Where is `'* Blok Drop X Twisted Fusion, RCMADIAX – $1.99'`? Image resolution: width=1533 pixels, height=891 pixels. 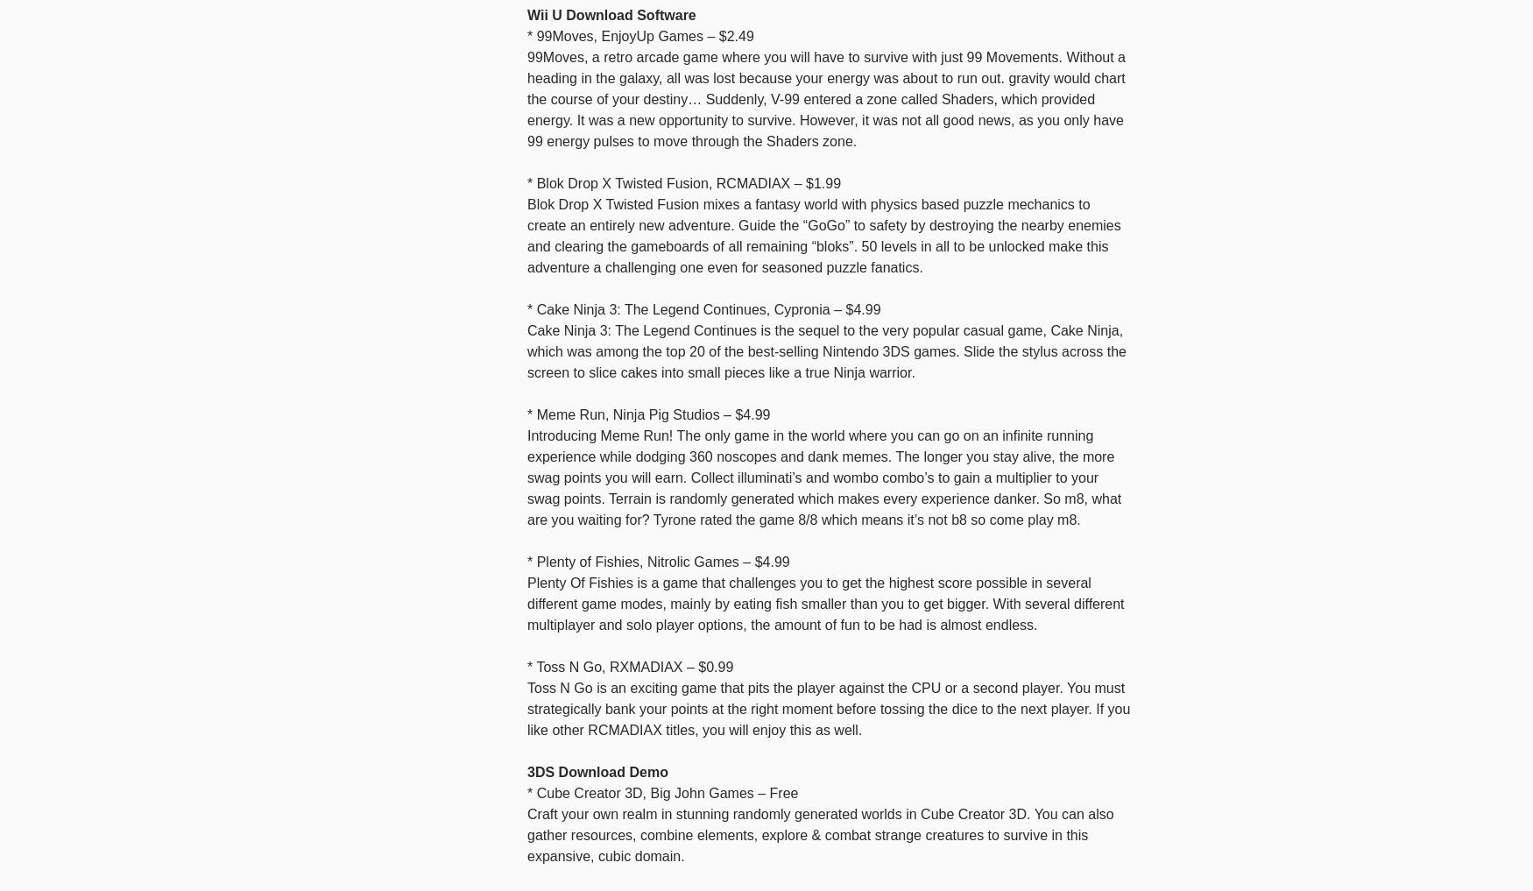 '* Blok Drop X Twisted Fusion, RCMADIAX – $1.99' is located at coordinates (683, 182).